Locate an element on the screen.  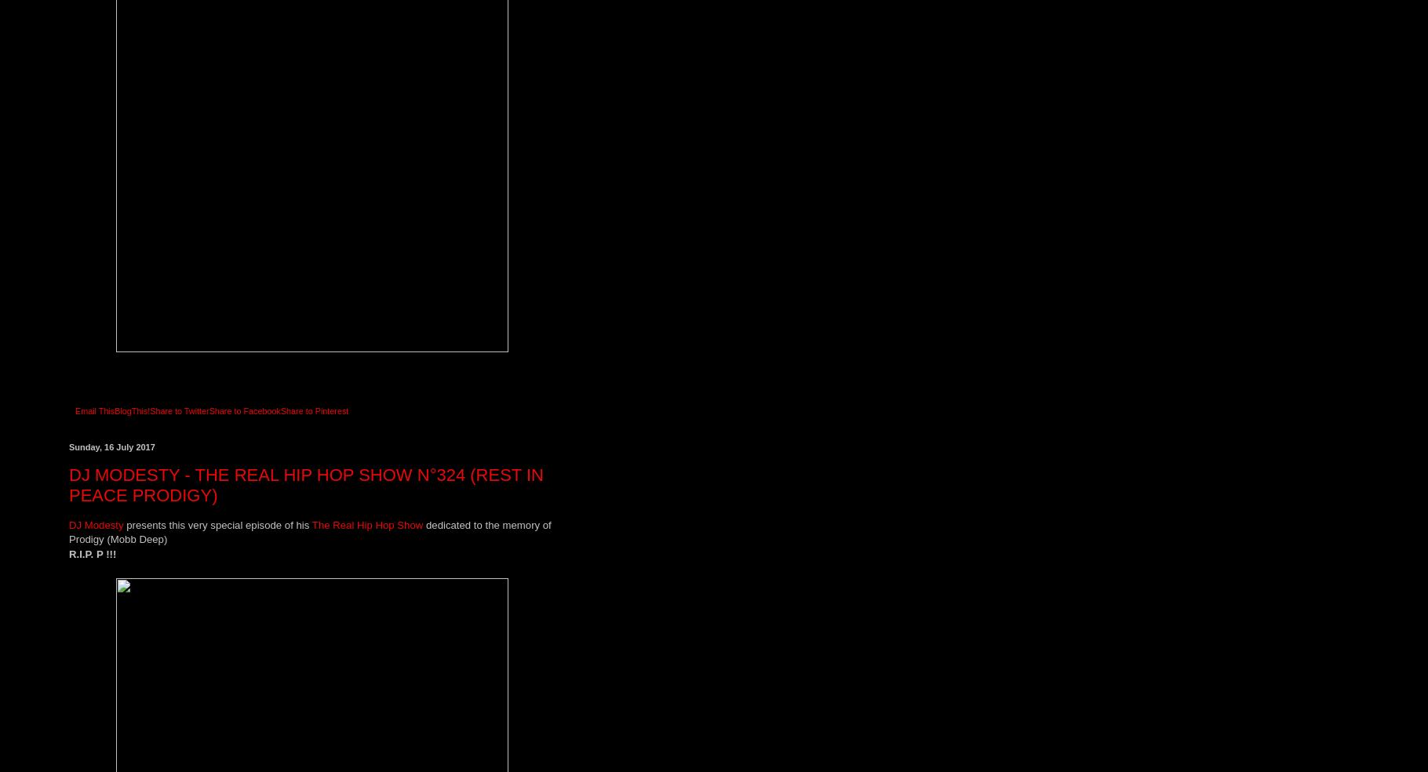
'BlogThis!' is located at coordinates (132, 409).